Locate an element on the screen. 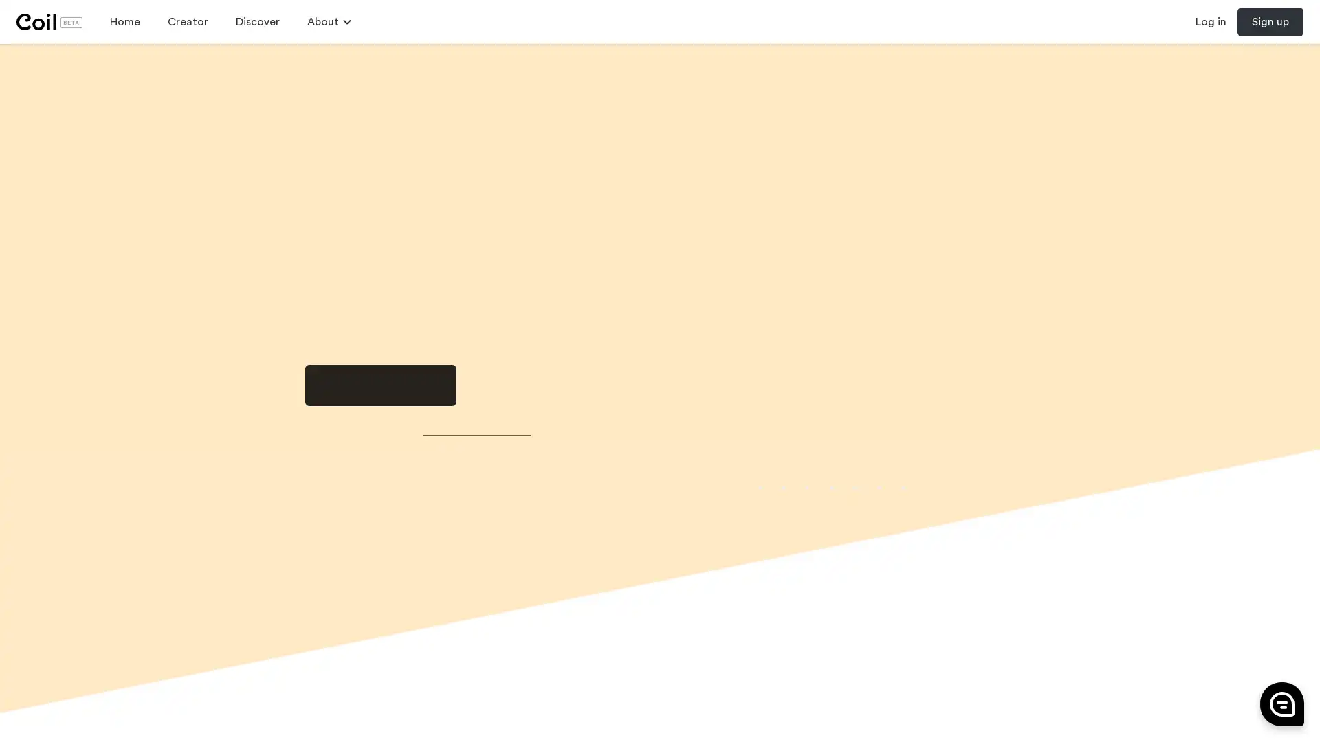 This screenshot has width=1320, height=742. Discover is located at coordinates (257, 21).